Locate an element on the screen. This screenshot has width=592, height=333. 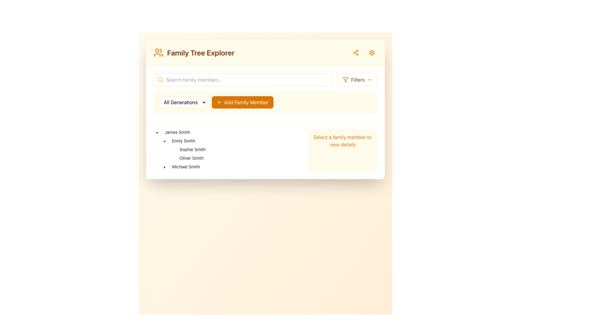
the rectangular 'Filters' button with a light yellow background and brown text is located at coordinates (357, 79).